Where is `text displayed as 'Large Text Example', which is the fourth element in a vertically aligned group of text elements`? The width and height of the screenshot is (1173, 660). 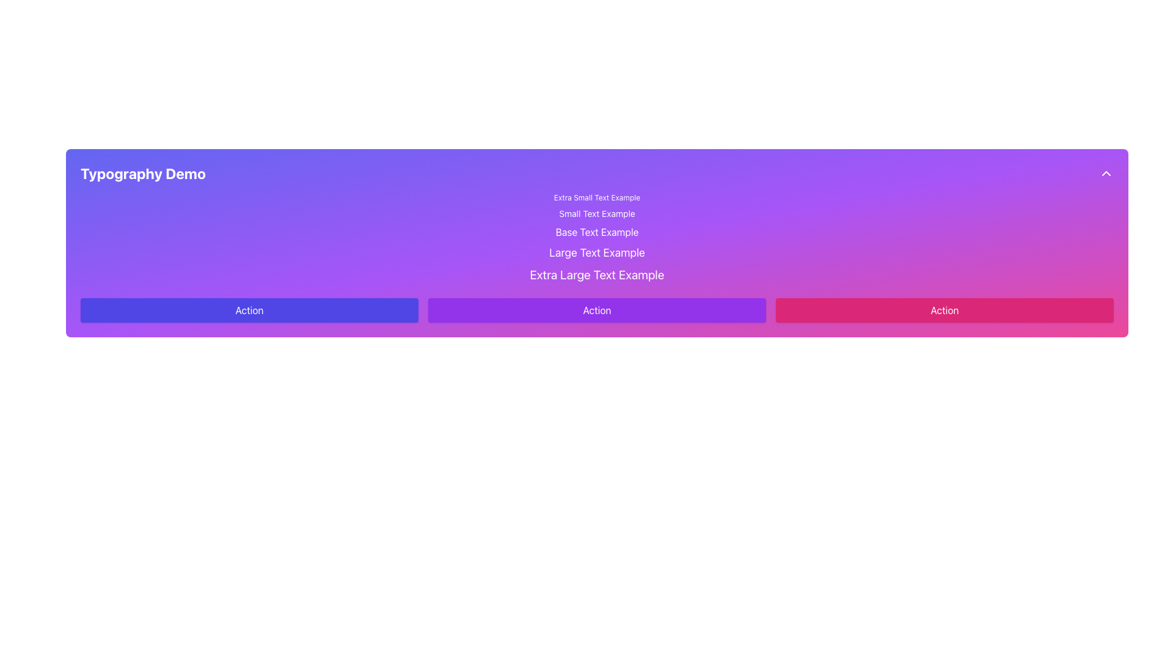
text displayed as 'Large Text Example', which is the fourth element in a vertically aligned group of text elements is located at coordinates (597, 252).